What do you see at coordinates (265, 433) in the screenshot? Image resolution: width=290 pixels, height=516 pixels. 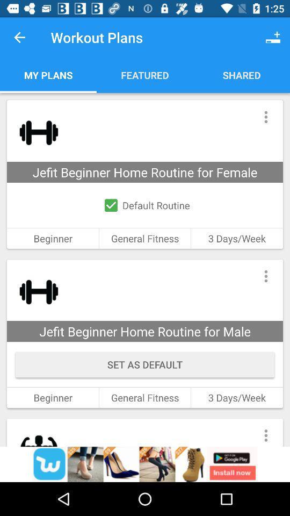 I see `menu` at bounding box center [265, 433].